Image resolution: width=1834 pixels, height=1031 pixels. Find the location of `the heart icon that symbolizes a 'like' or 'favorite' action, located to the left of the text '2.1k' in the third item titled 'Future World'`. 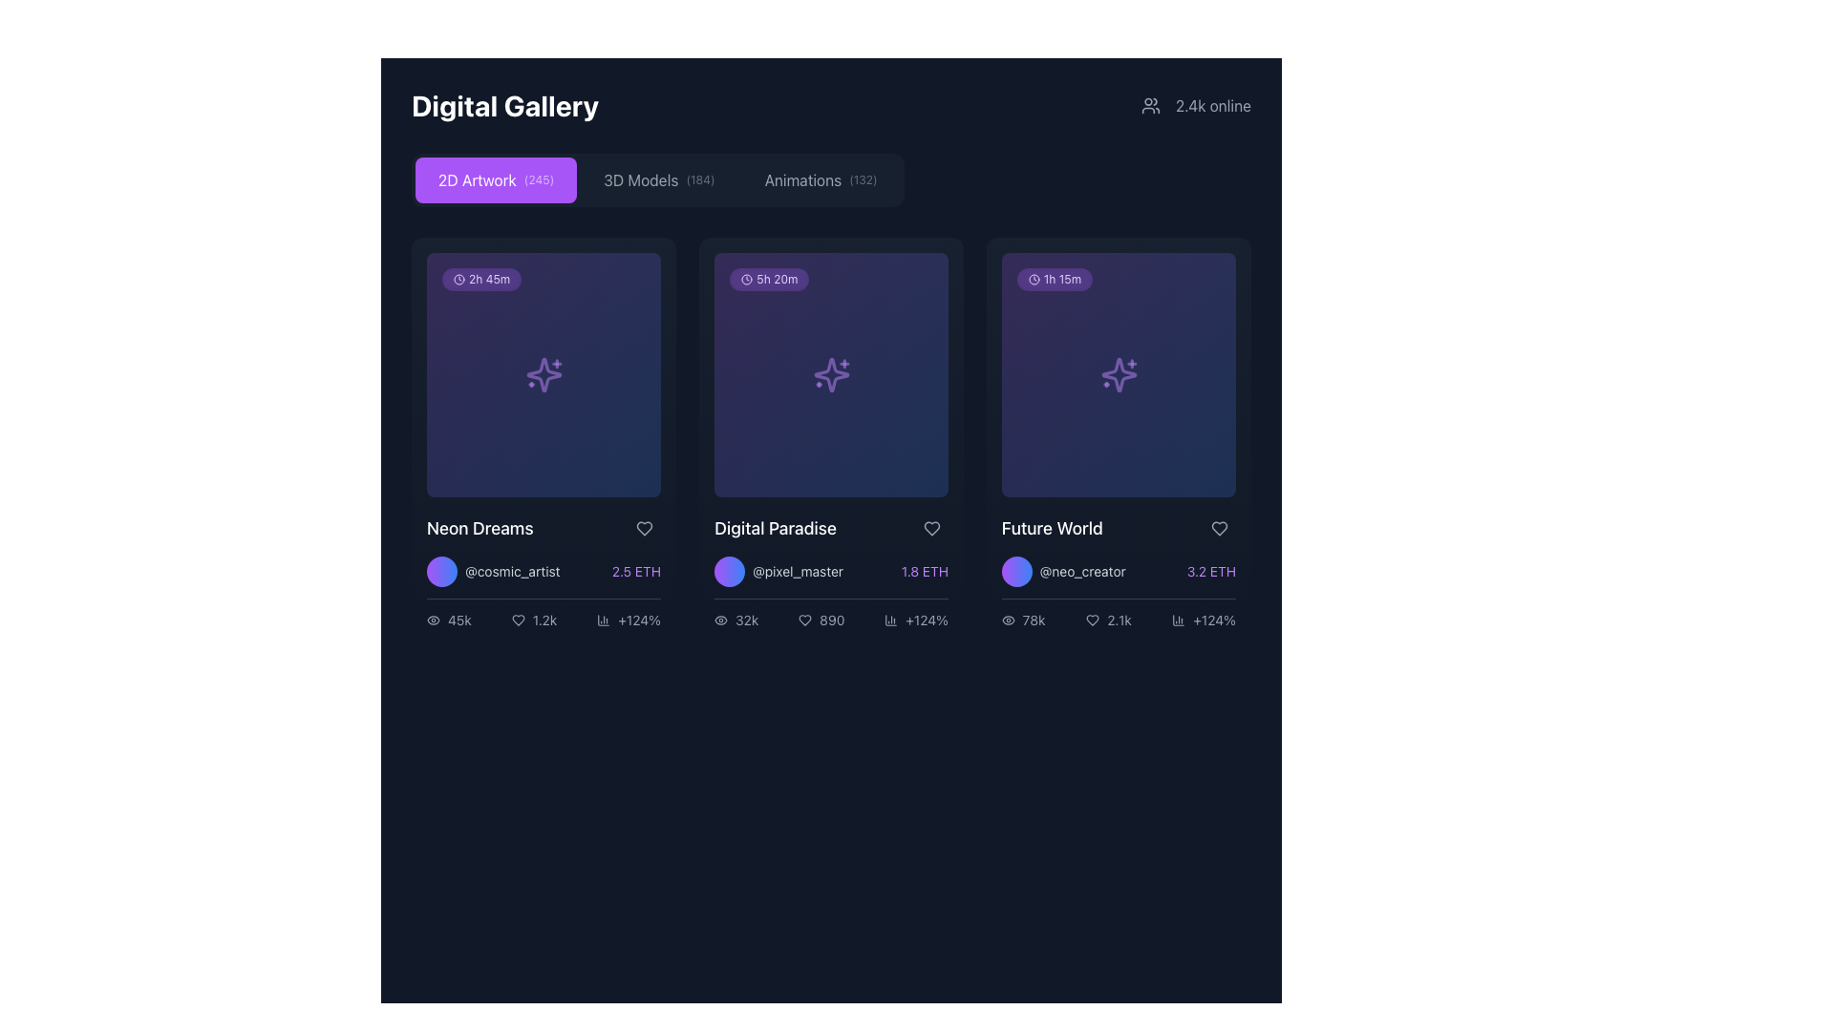

the heart icon that symbolizes a 'like' or 'favorite' action, located to the left of the text '2.1k' in the third item titled 'Future World' is located at coordinates (1093, 621).